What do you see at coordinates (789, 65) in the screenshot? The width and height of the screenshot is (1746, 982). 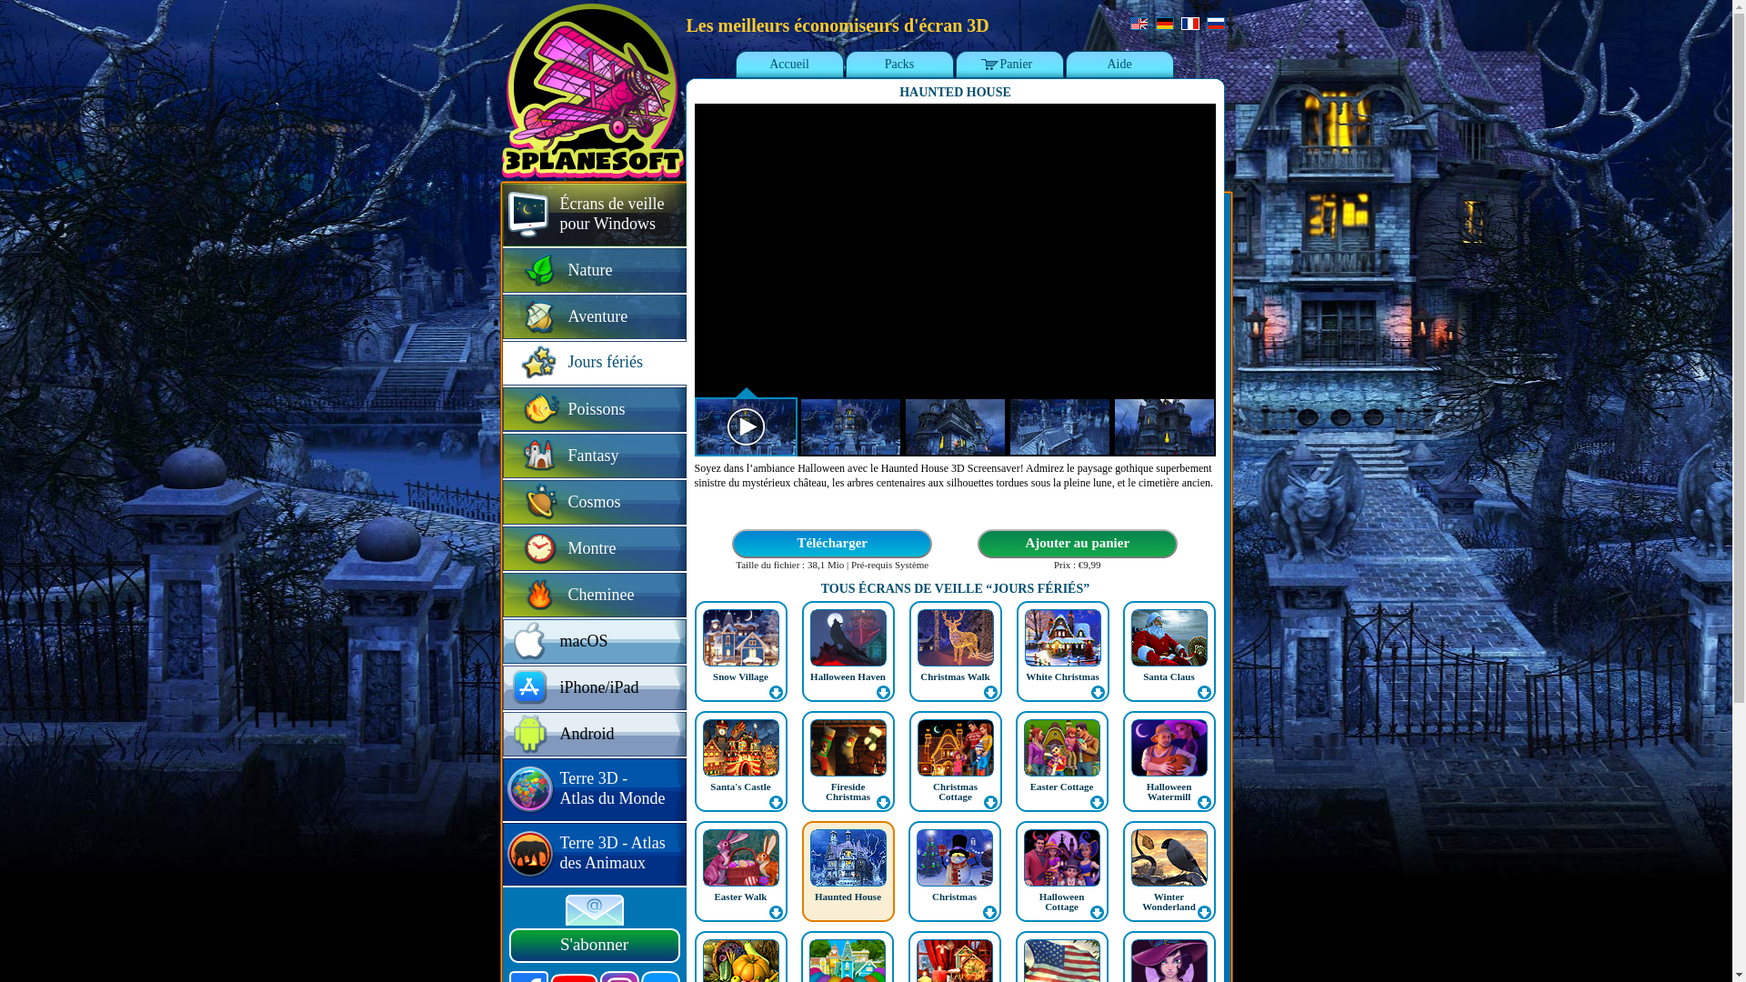 I see `'Accueil'` at bounding box center [789, 65].